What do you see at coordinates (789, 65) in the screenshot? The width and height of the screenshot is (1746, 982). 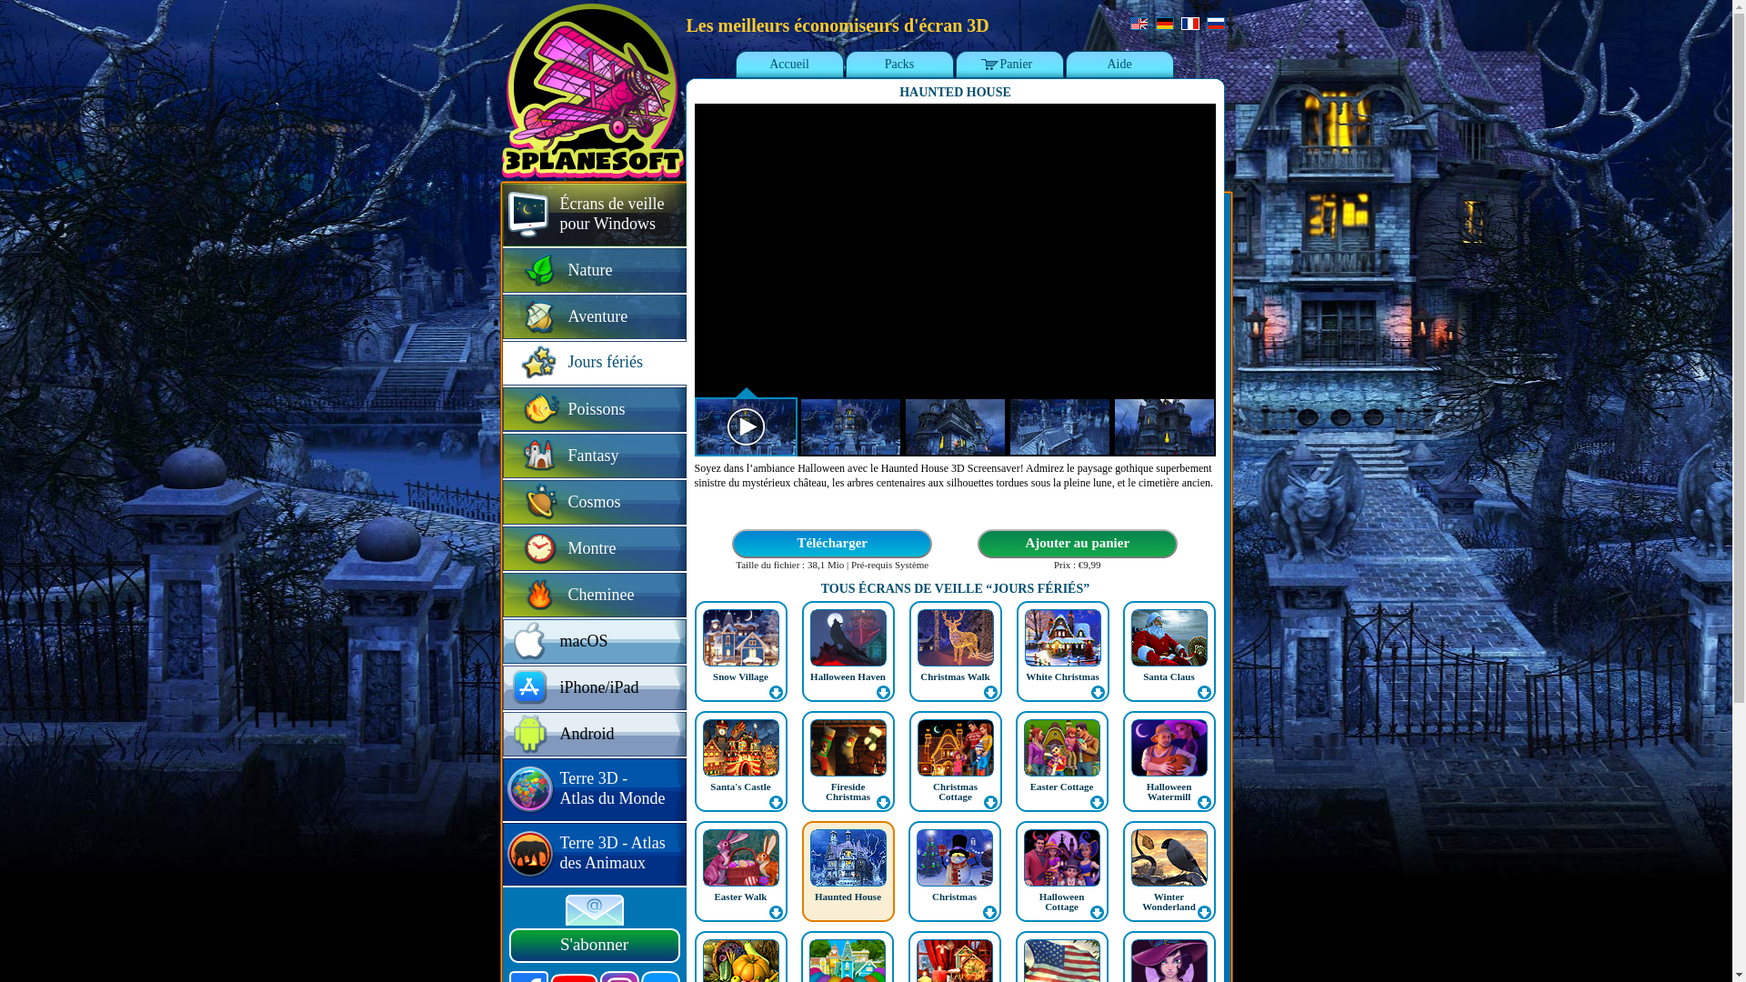 I see `'Accueil'` at bounding box center [789, 65].